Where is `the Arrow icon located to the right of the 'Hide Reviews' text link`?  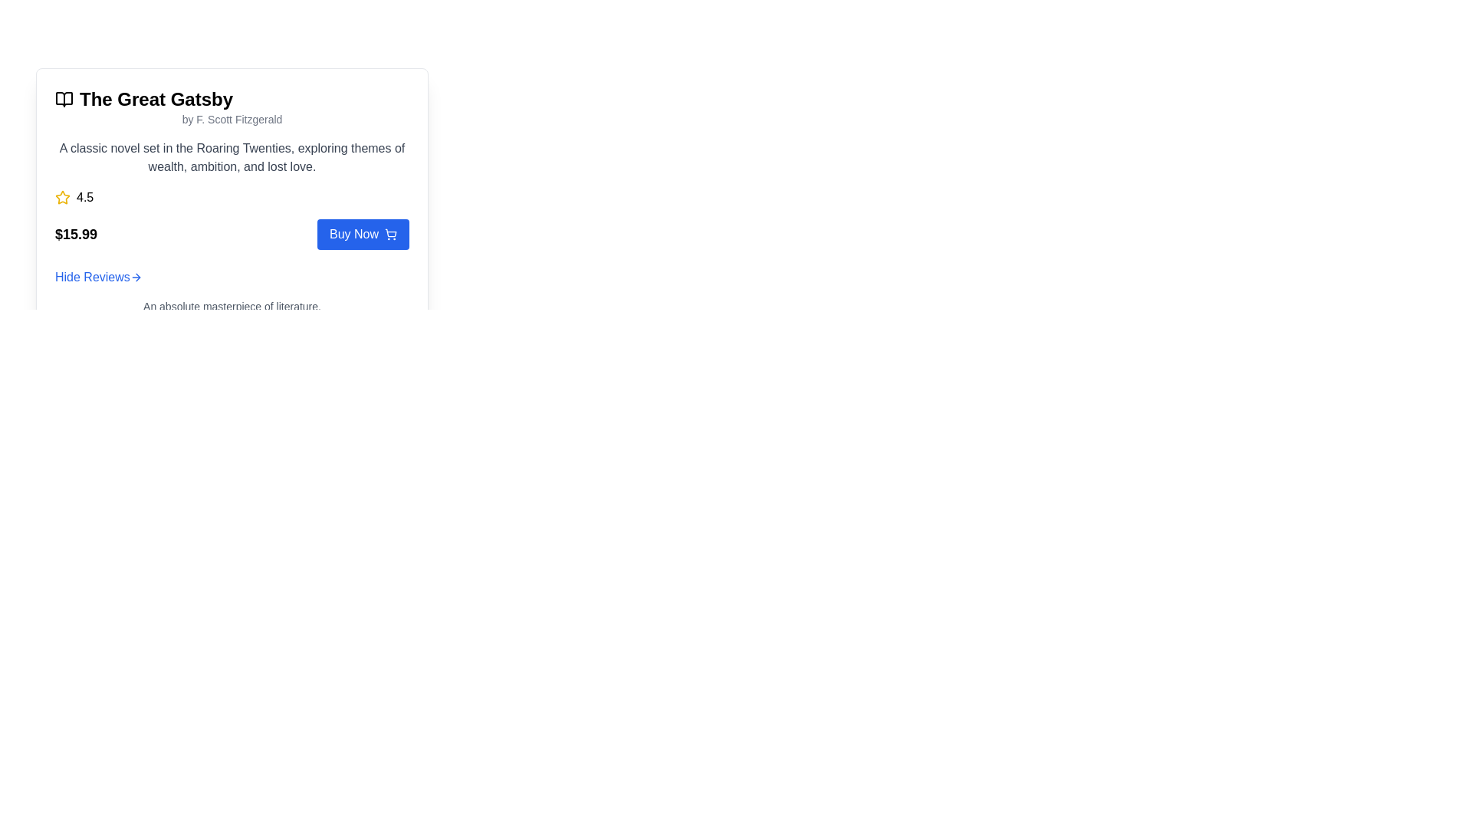 the Arrow icon located to the right of the 'Hide Reviews' text link is located at coordinates (136, 278).